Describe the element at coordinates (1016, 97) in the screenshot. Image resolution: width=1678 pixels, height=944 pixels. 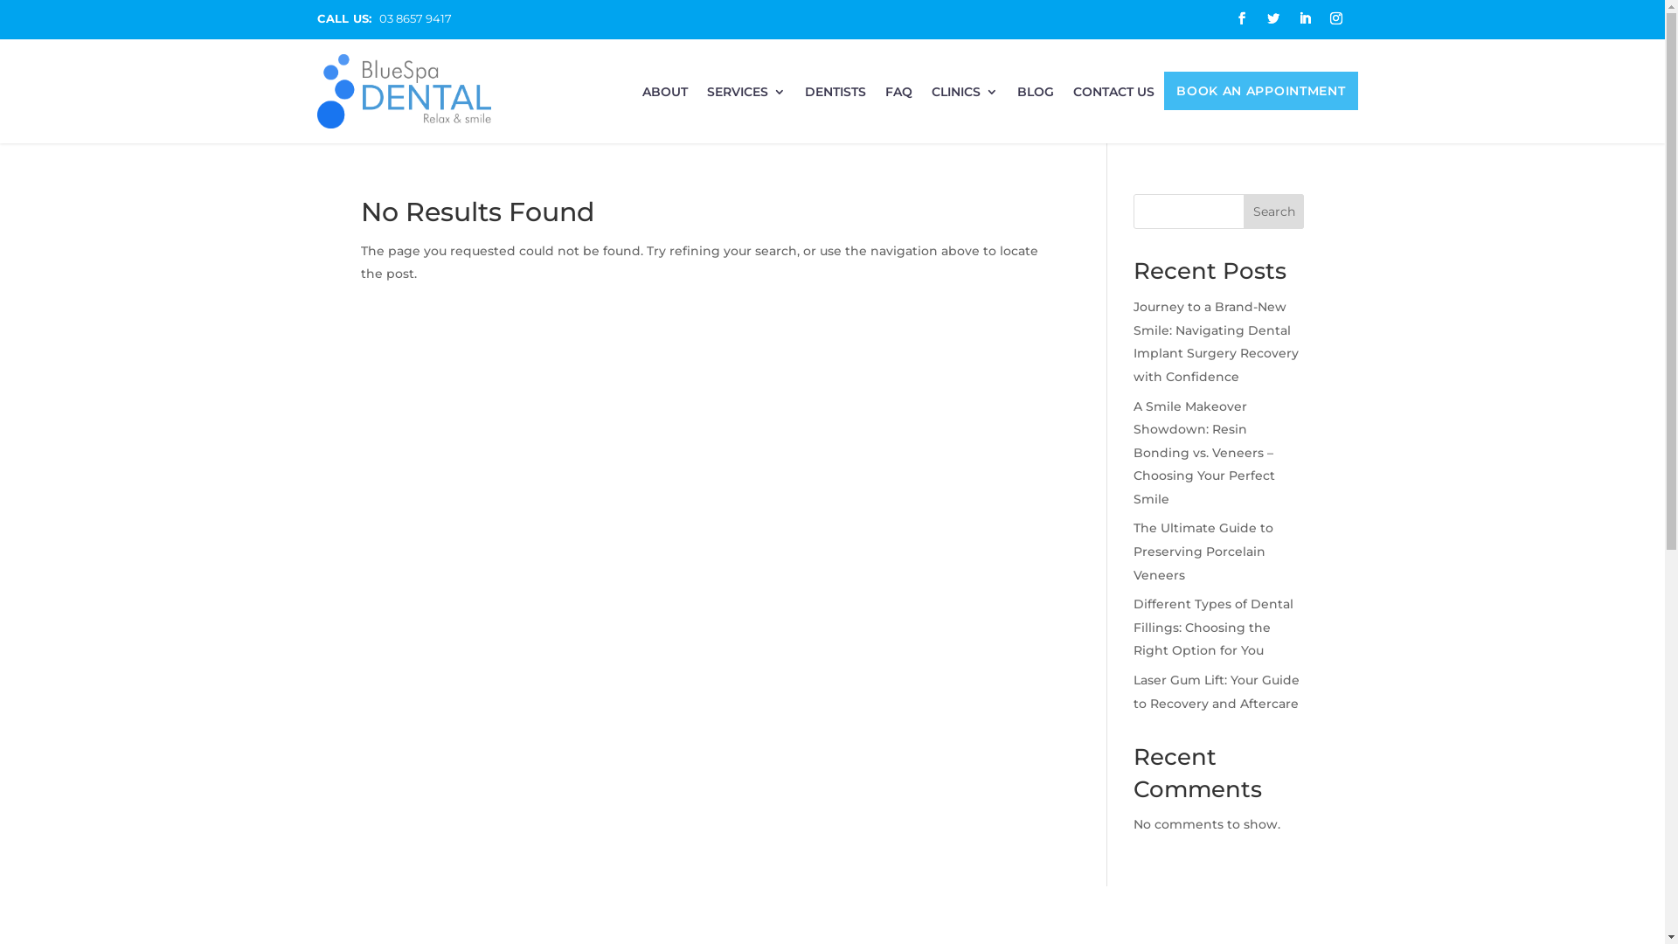
I see `'BLOG'` at that location.